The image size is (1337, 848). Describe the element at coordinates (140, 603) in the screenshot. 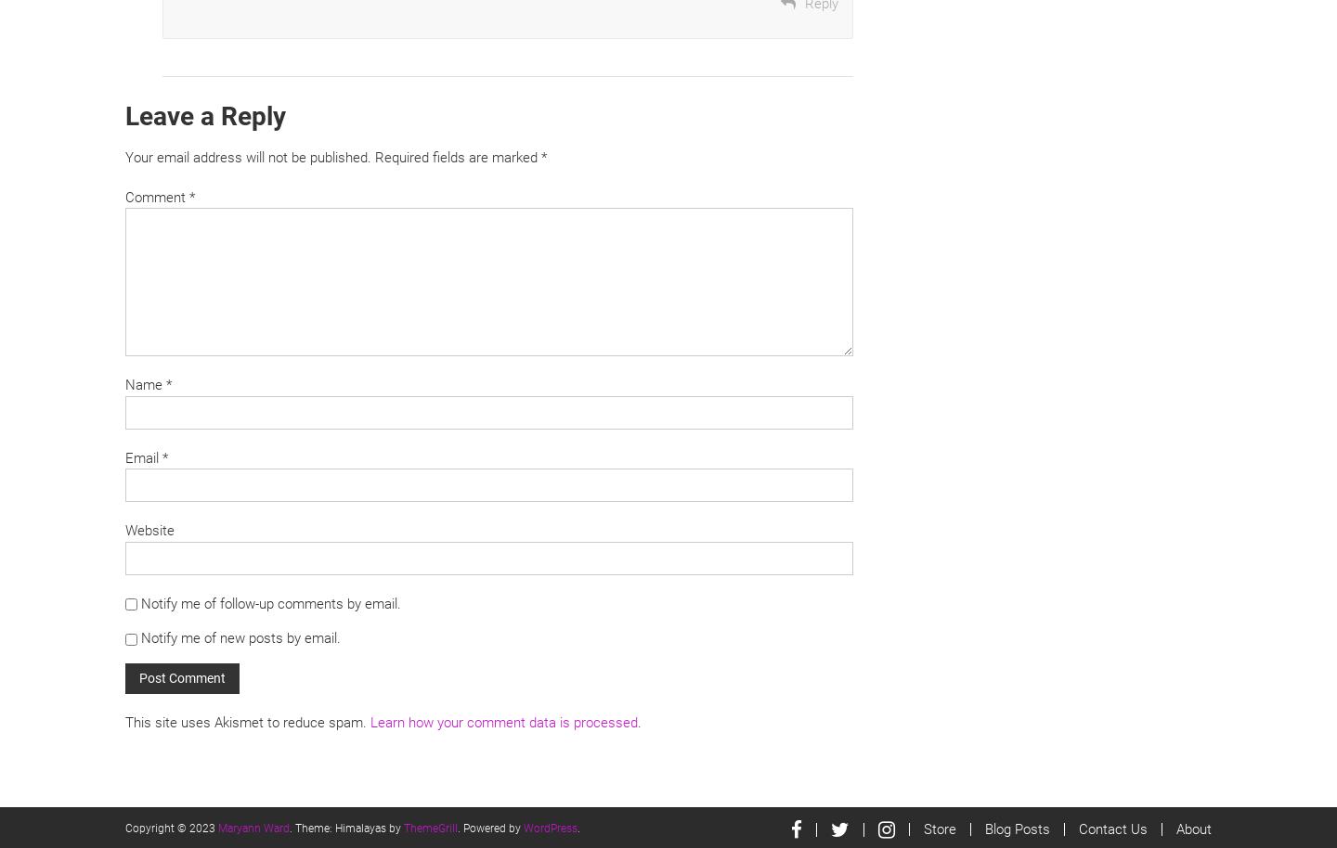

I see `'Notify me of follow-up comments by email.'` at that location.